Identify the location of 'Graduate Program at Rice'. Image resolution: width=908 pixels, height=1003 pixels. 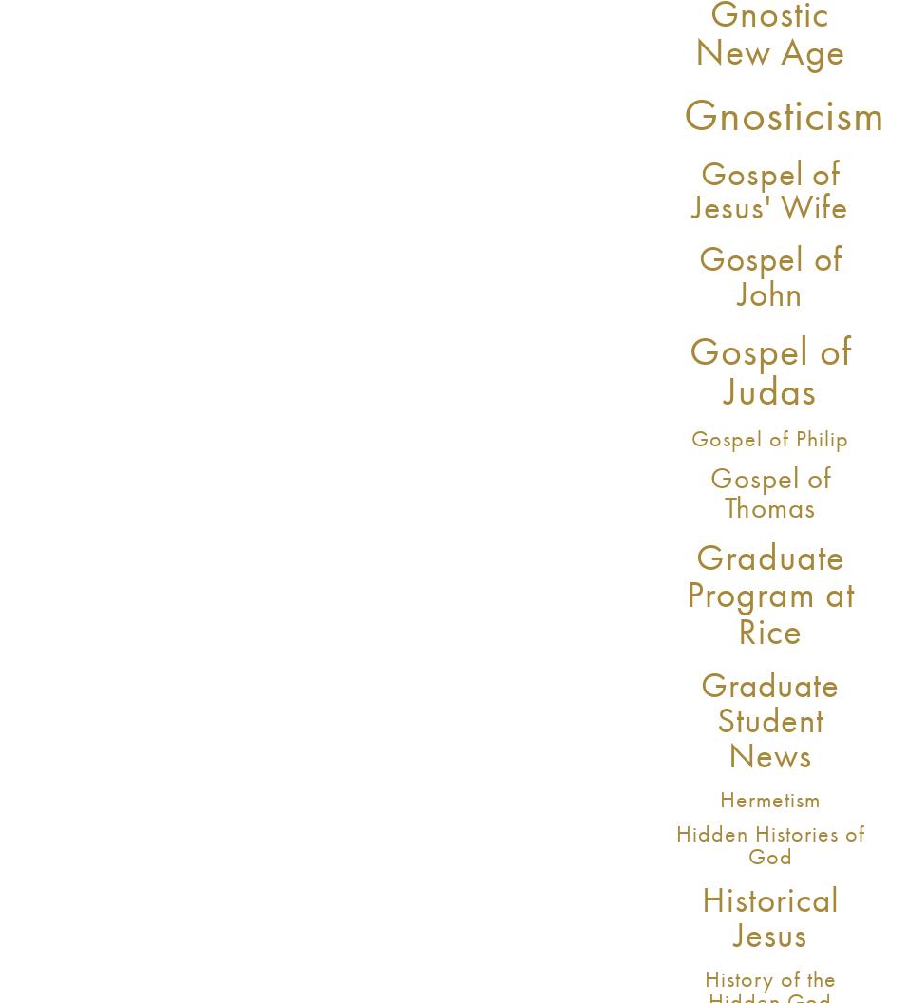
(684, 593).